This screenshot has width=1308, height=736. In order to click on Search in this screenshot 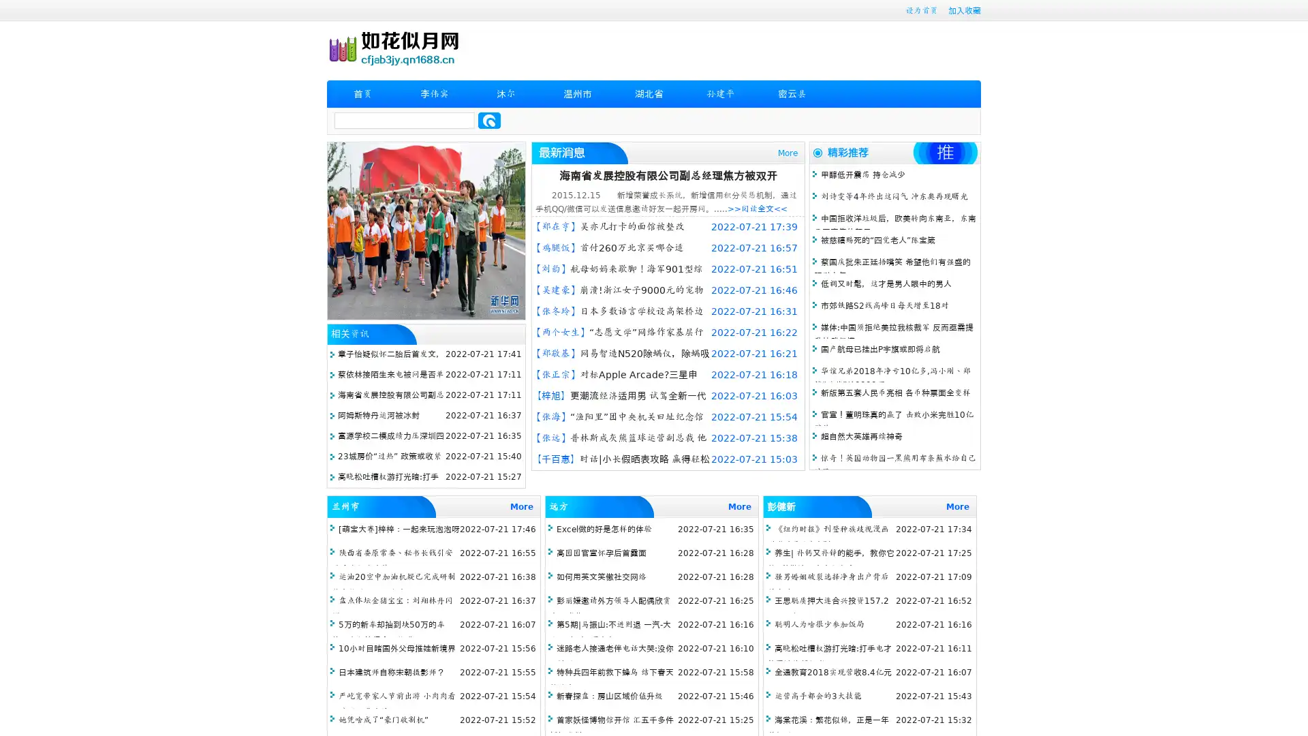, I will do `click(489, 120)`.